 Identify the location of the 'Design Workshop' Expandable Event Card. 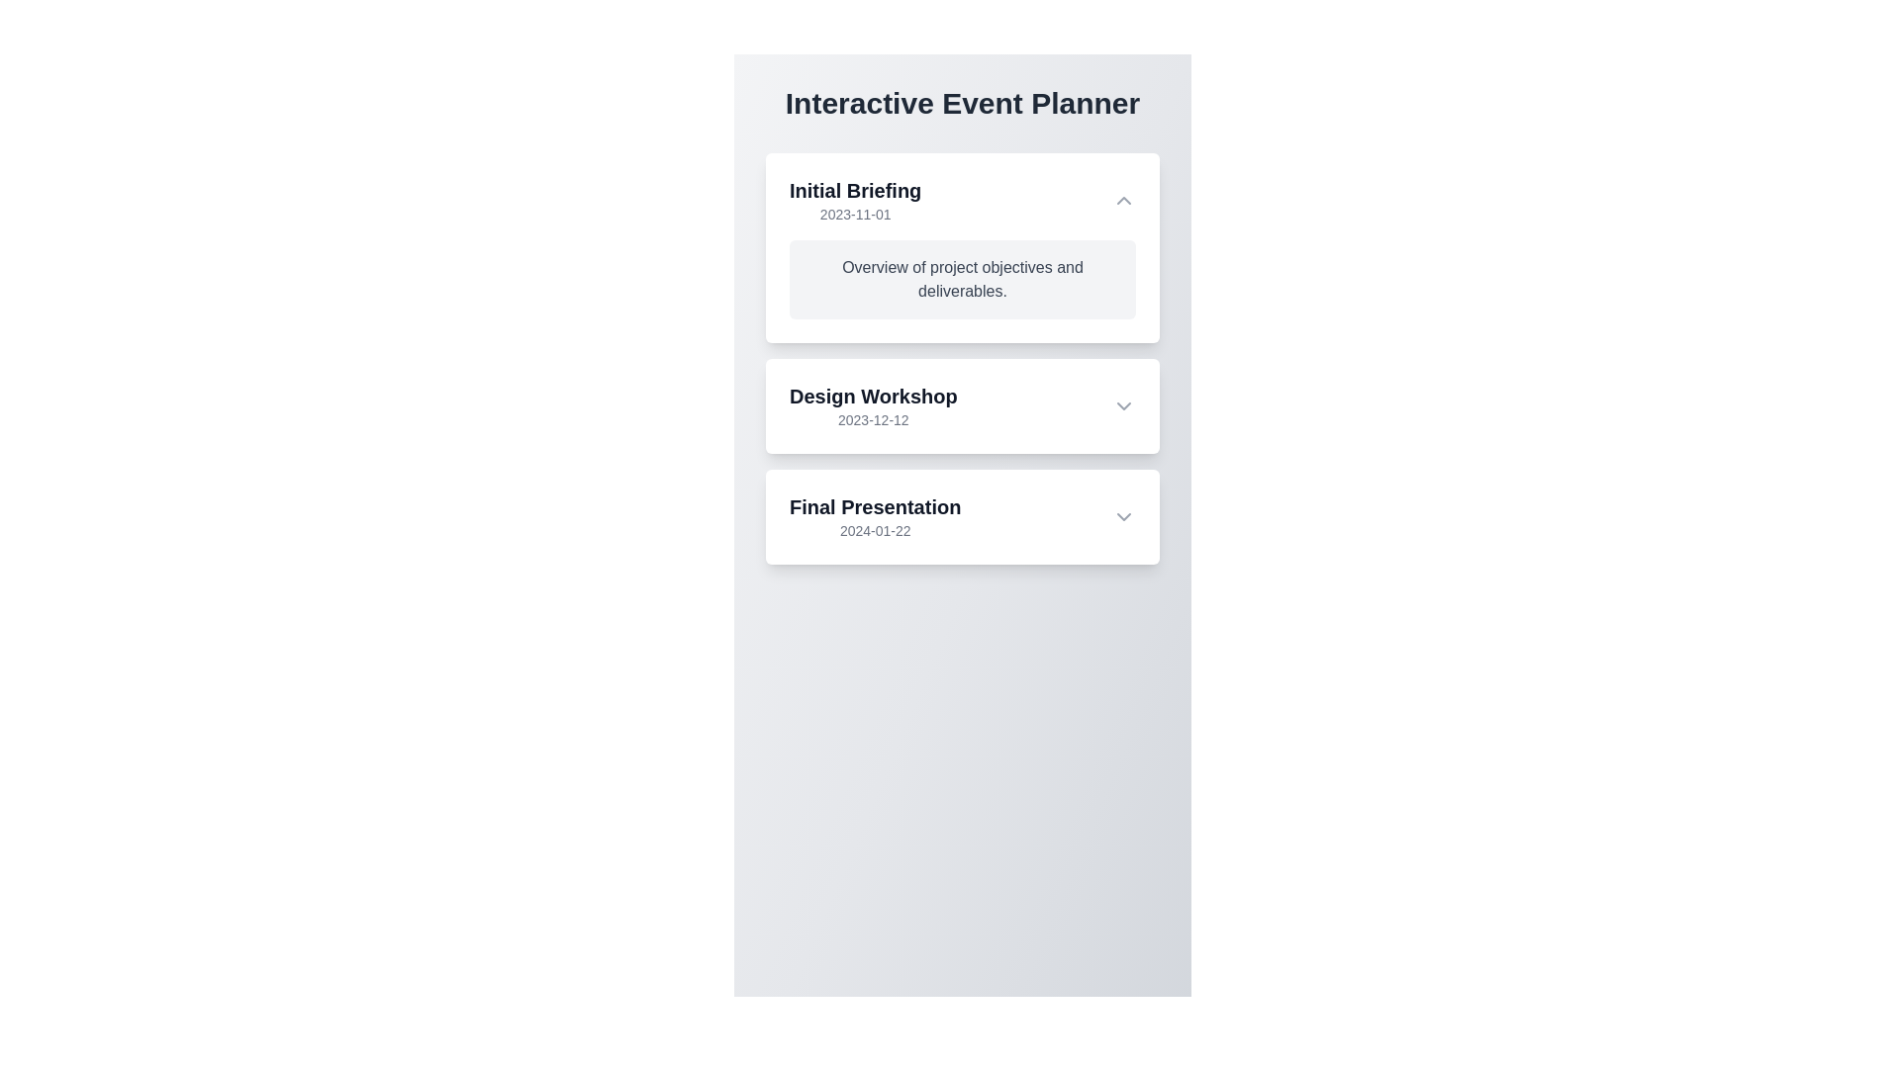
(963, 405).